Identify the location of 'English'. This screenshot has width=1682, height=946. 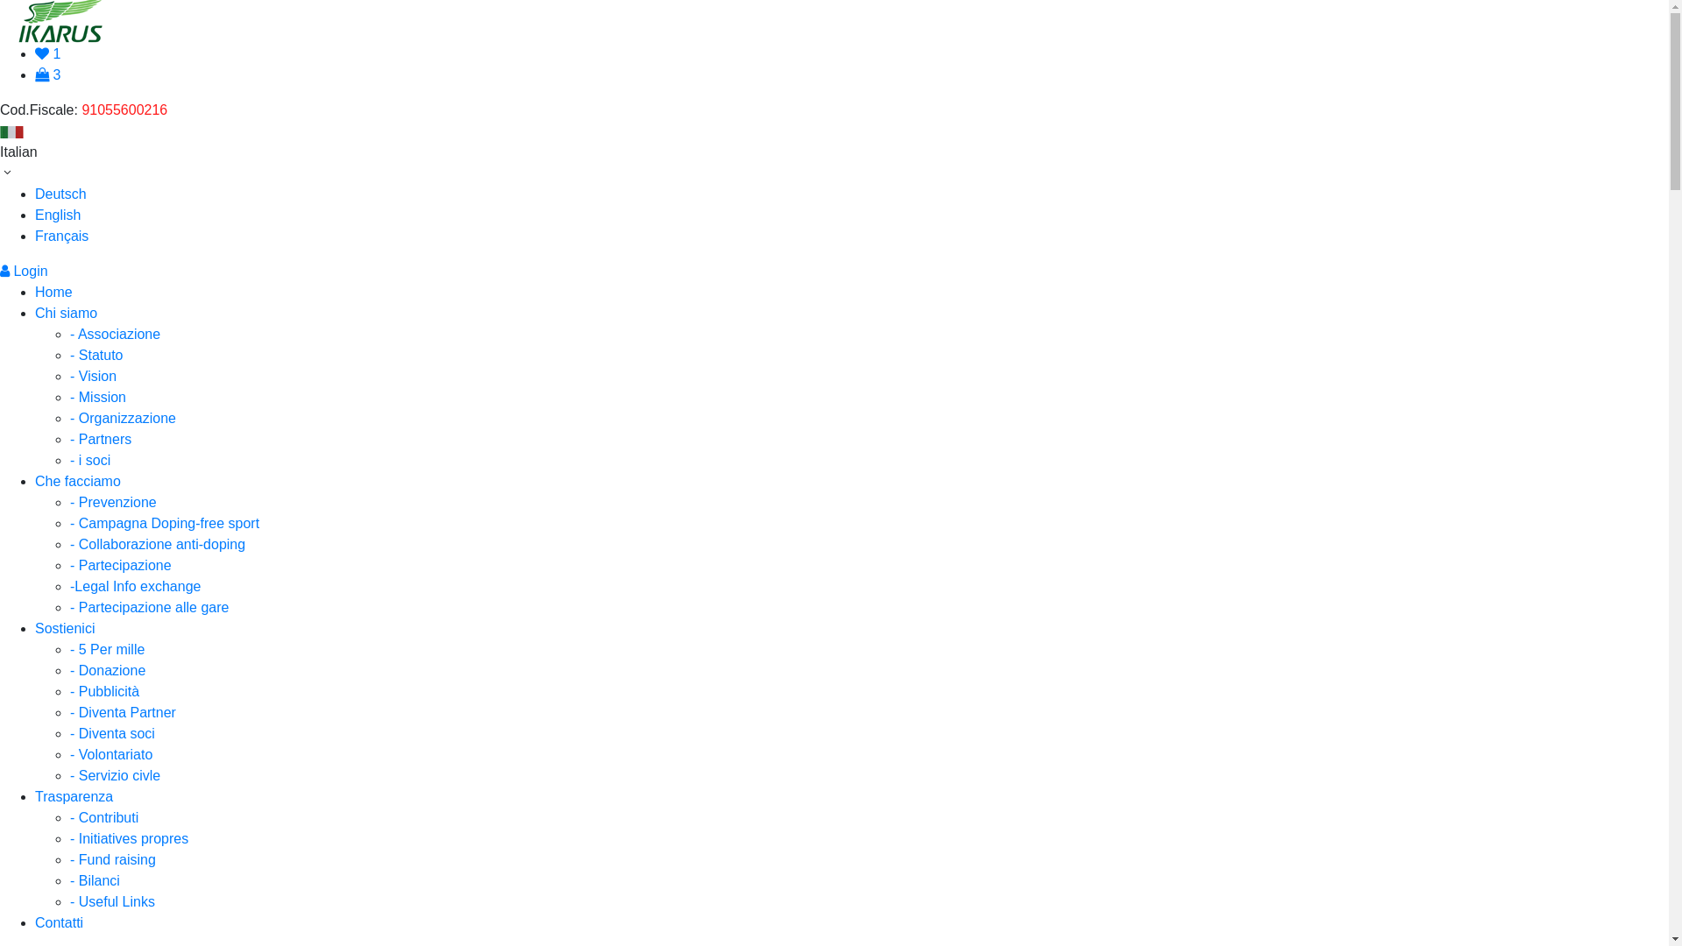
(58, 214).